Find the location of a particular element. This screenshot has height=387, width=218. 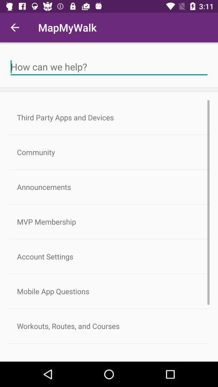

help is located at coordinates (109, 67).